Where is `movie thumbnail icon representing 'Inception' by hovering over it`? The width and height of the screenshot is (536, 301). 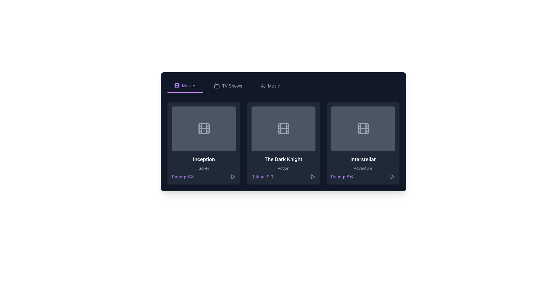
movie thumbnail icon representing 'Inception' by hovering over it is located at coordinates (204, 129).